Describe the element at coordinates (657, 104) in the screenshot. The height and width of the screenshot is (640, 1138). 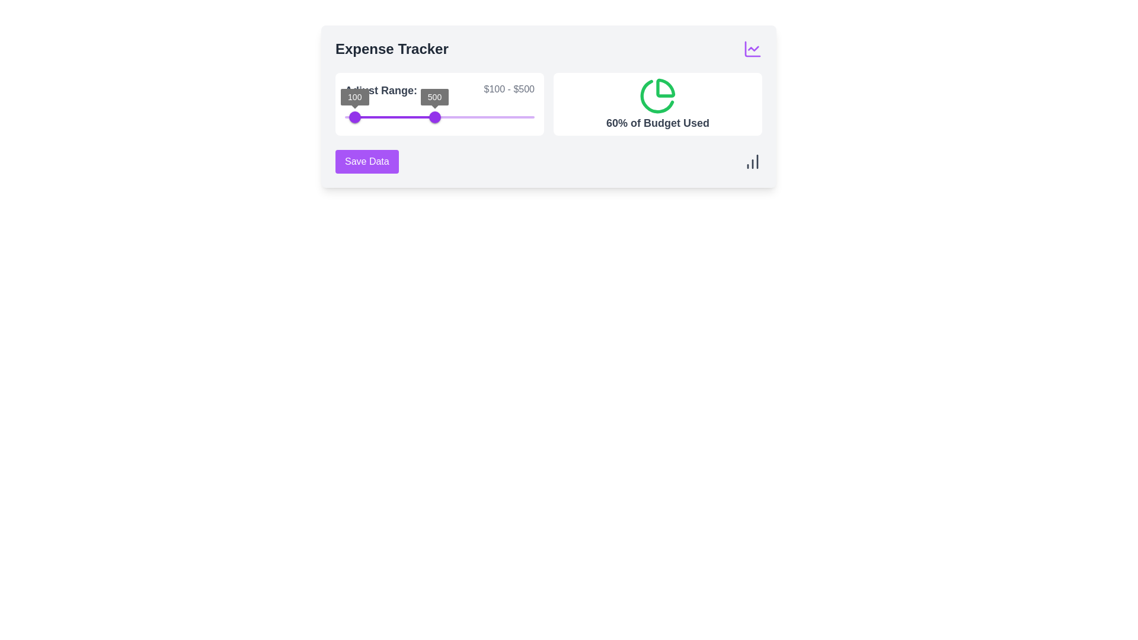
I see `the Informative card displaying '60% of Budget Used' with a green pie chart icon at the top` at that location.